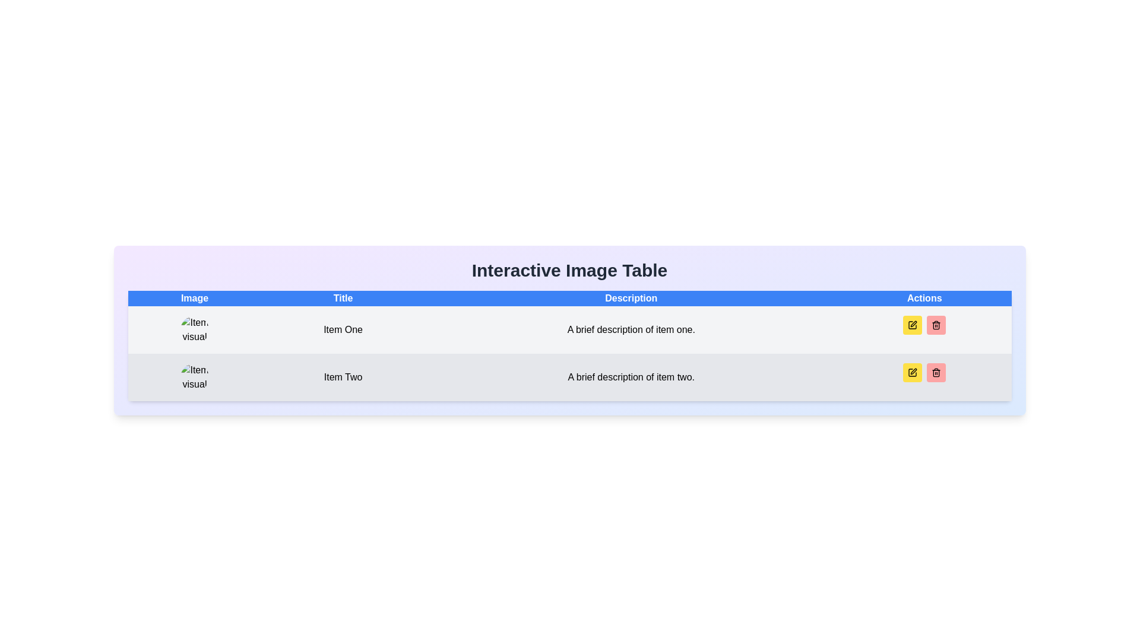 The image size is (1140, 641). I want to click on the red delete button with a trashcan icon located in the actions column of the second row, positioned to the right of the yellow edit button, to observe its hover effects, so click(936, 325).